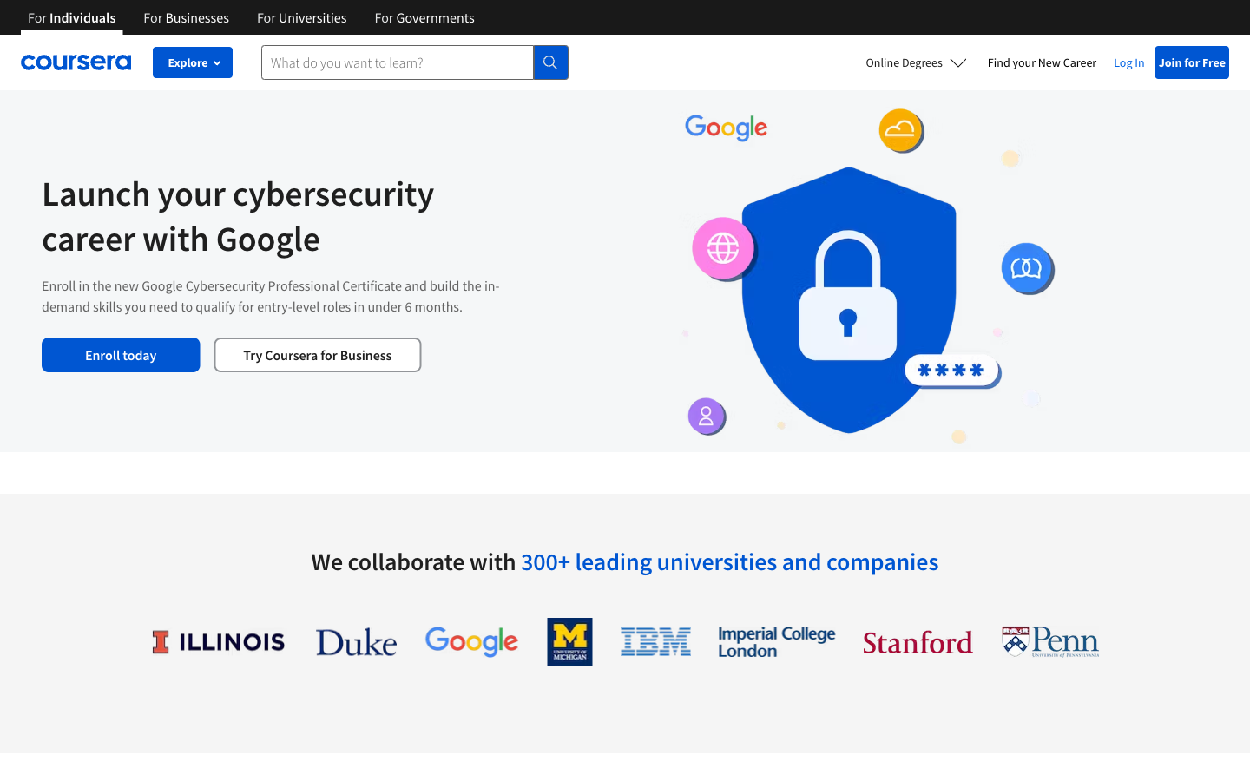  Describe the element at coordinates (355, 640) in the screenshot. I see `Go to Duke University Page` at that location.